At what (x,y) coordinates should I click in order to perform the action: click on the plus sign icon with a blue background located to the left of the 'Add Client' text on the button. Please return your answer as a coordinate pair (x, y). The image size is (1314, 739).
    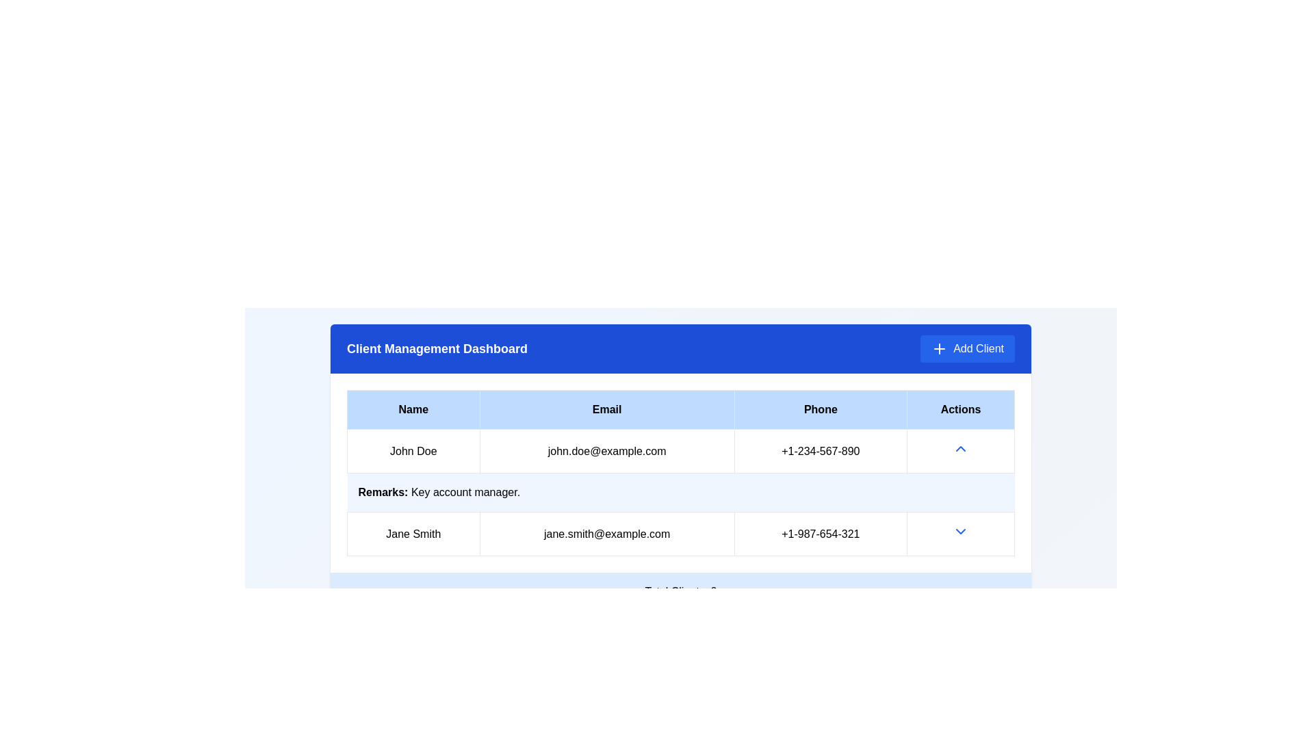
    Looking at the image, I should click on (939, 348).